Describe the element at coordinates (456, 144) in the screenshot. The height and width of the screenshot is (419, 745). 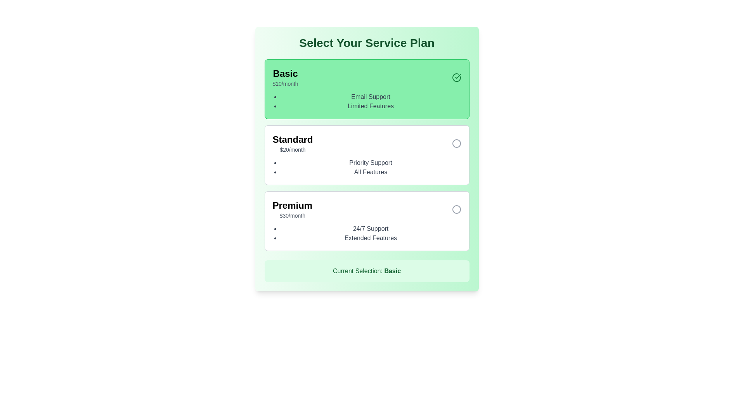
I see `the SVG circle graphic that represents the selection or deselection state of the 'Standard' service plan` at that location.